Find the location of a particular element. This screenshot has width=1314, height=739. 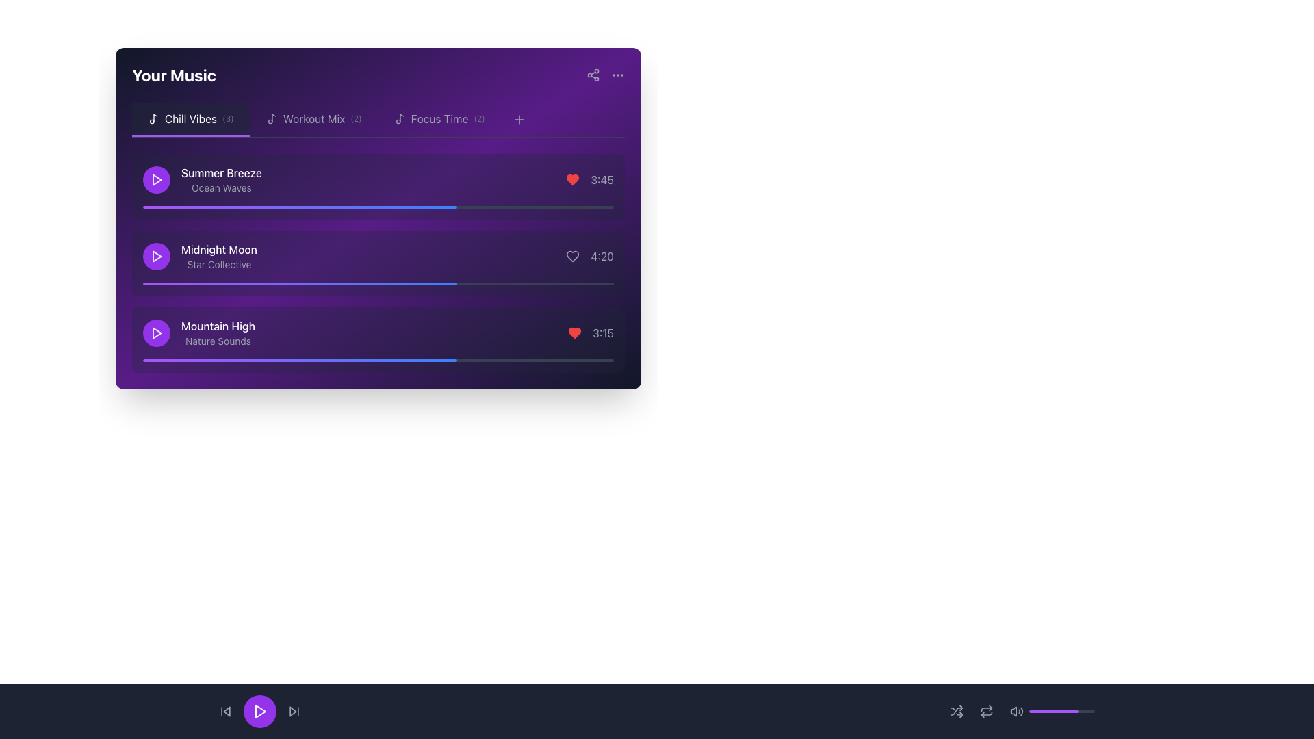

the progress bar is located at coordinates (227, 283).